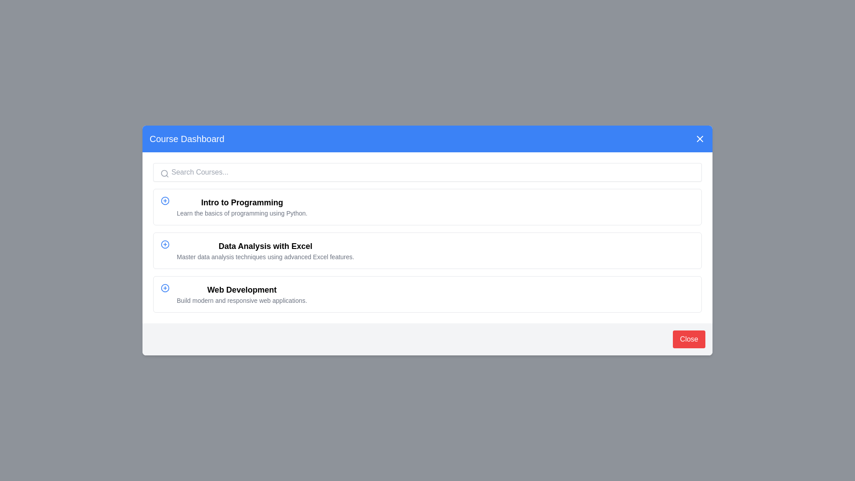 The height and width of the screenshot is (481, 855). I want to click on the button with an icon located to the left of the title 'Data Analysis with Excel' in the second card, so click(165, 244).